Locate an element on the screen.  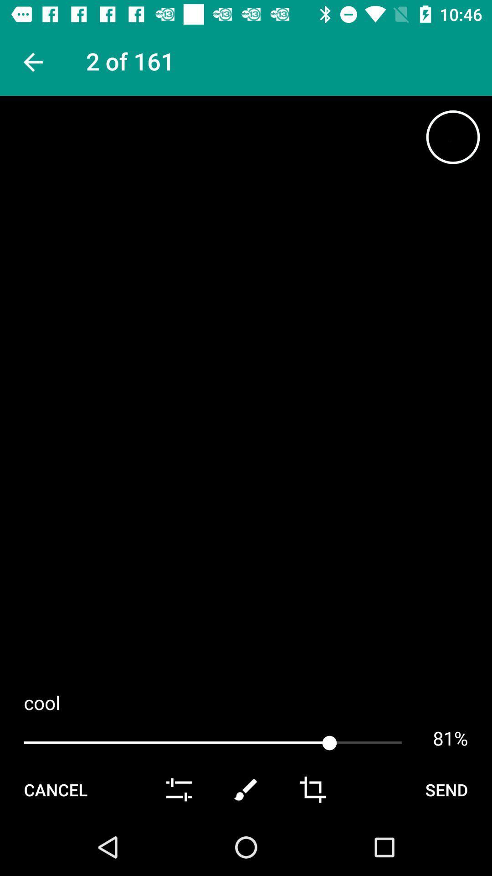
the icon at the top left corner is located at coordinates (31, 62).